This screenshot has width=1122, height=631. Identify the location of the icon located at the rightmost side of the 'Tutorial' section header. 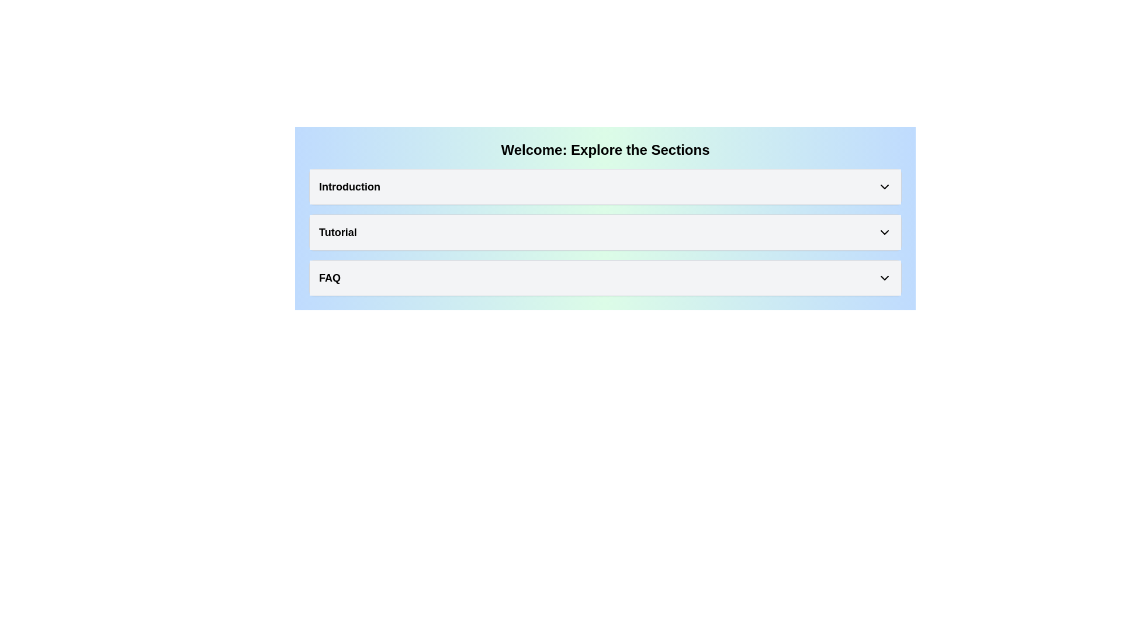
(884, 232).